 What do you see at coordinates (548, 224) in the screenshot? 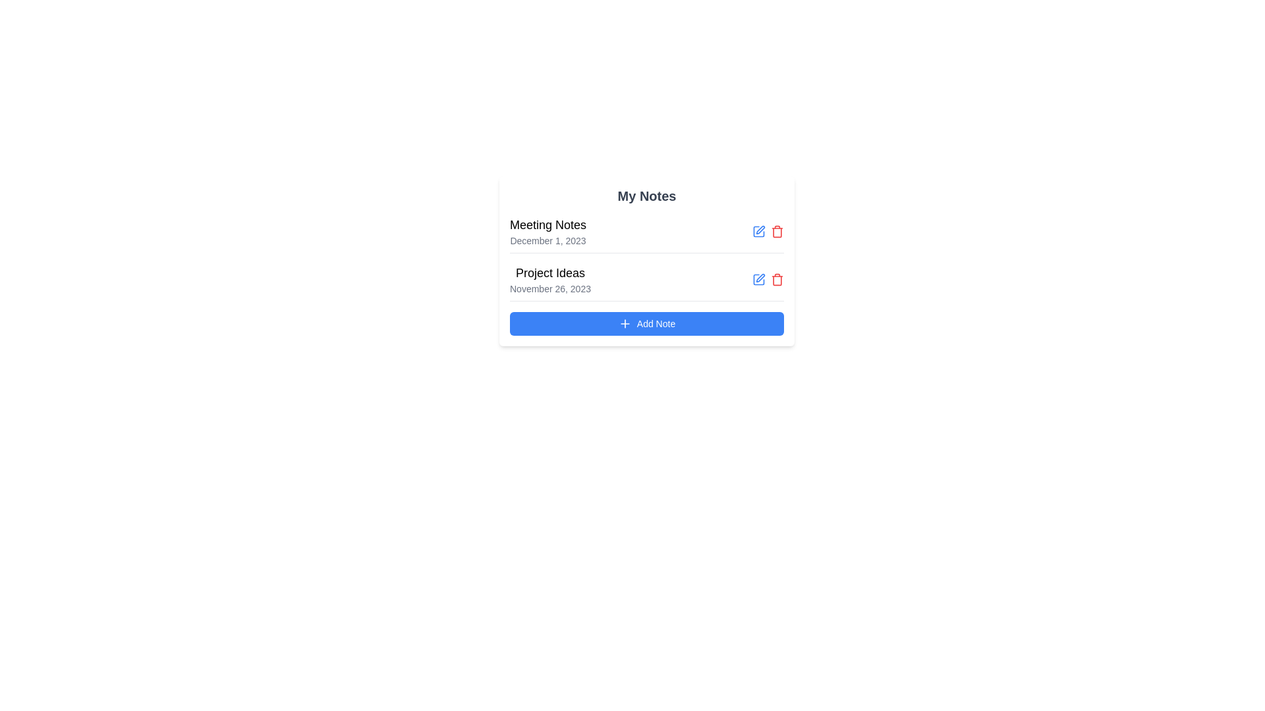
I see `the 'Meeting Notes' title element, which is styled with bold text and positioned at the top of the 'My Notes' section` at bounding box center [548, 224].